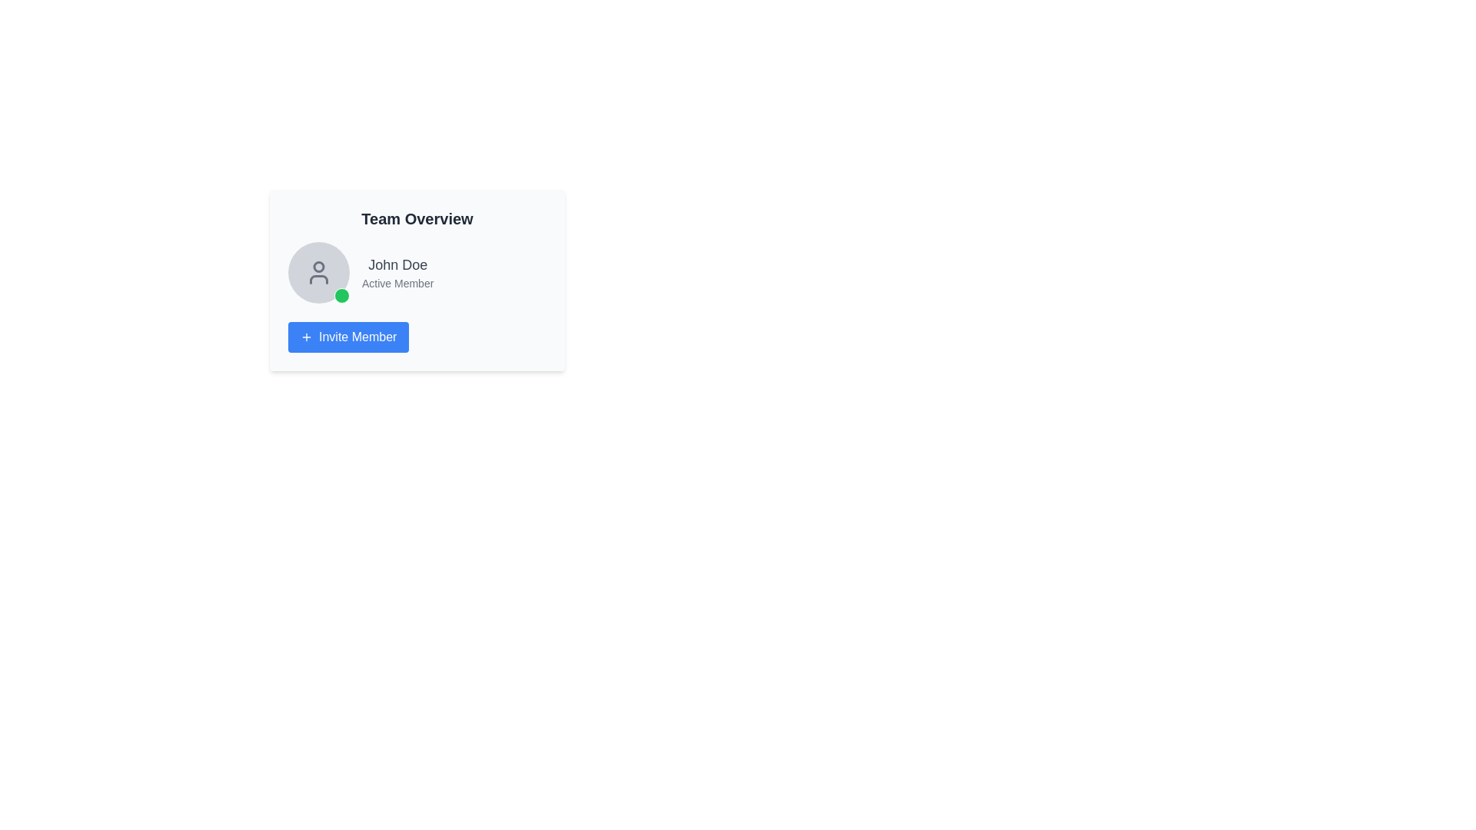 The width and height of the screenshot is (1476, 830). What do you see at coordinates (306, 337) in the screenshot?
I see `the small white plus icon located to the left of the 'Invite Member' text within the blue button` at bounding box center [306, 337].